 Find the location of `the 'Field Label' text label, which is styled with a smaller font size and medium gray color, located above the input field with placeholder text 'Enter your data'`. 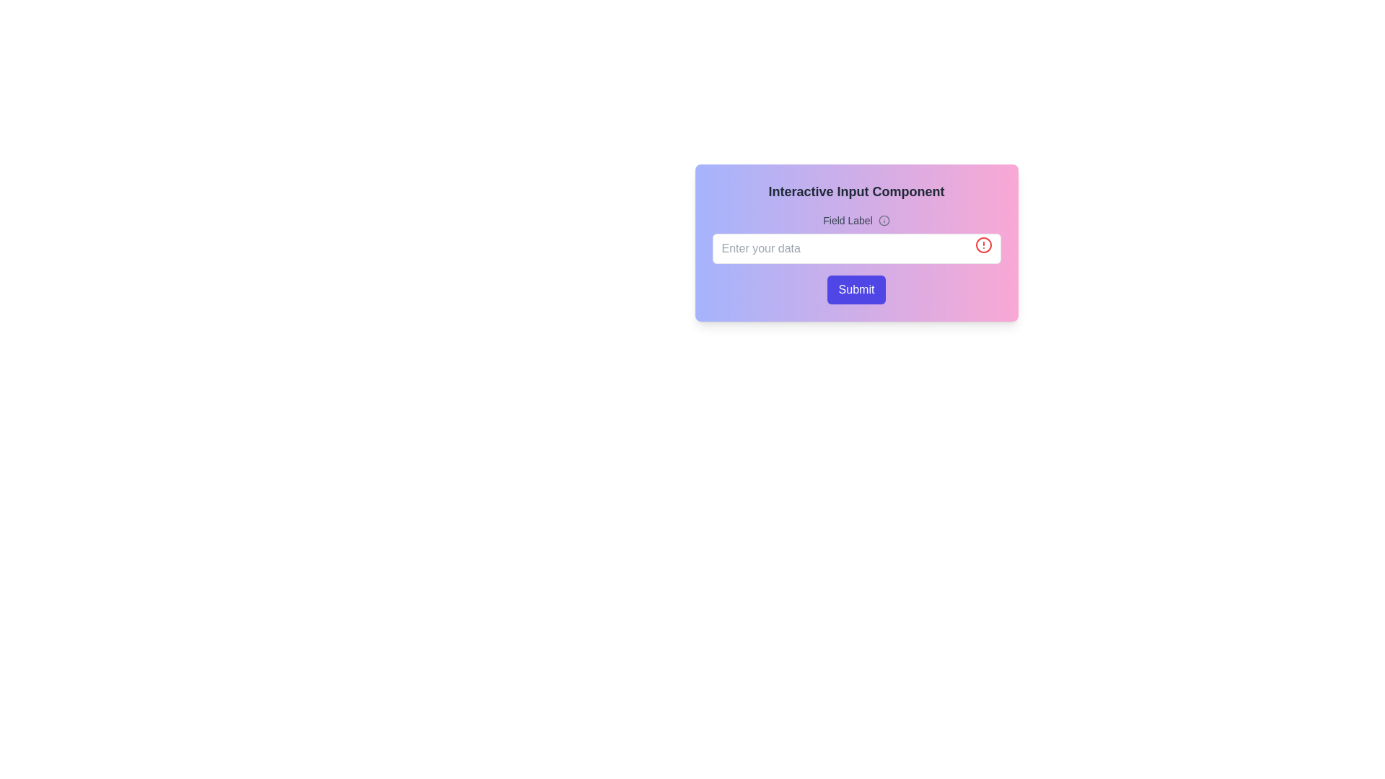

the 'Field Label' text label, which is styled with a smaller font size and medium gray color, located above the input field with placeholder text 'Enter your data' is located at coordinates (856, 220).